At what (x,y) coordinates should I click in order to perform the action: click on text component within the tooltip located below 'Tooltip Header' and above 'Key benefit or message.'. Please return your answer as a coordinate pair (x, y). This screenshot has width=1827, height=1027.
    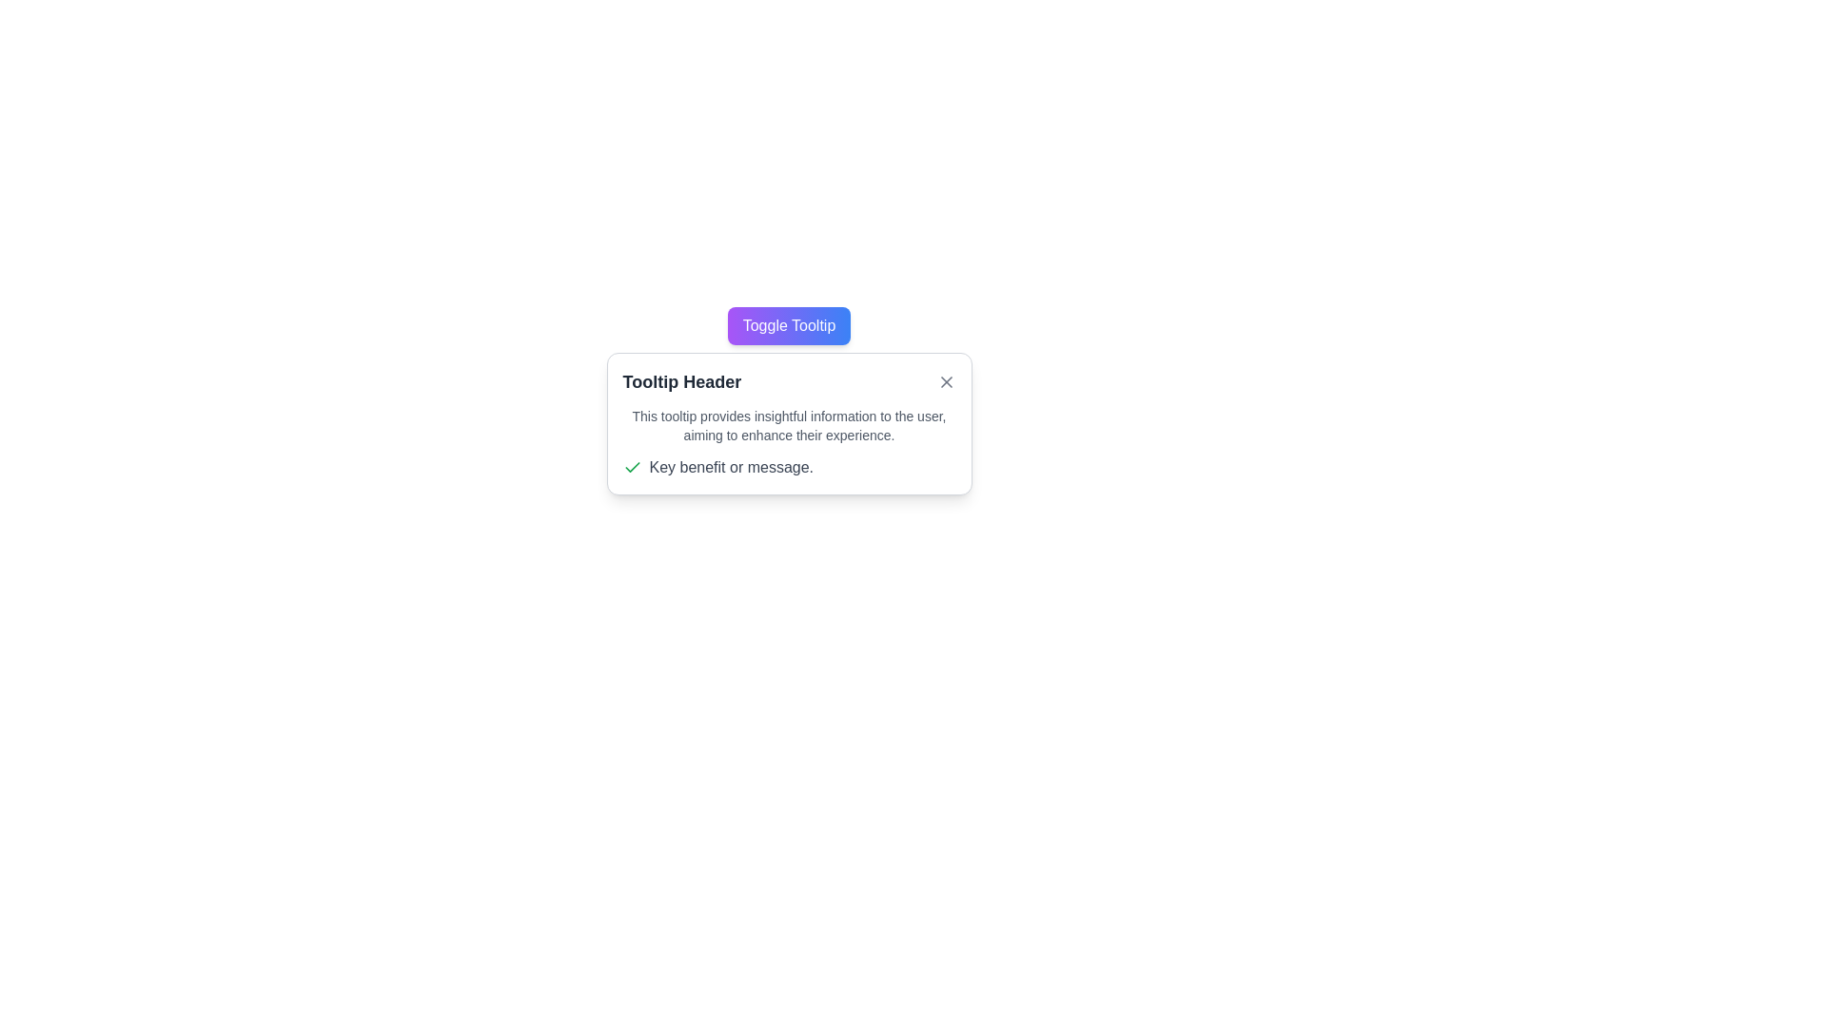
    Looking at the image, I should click on (789, 424).